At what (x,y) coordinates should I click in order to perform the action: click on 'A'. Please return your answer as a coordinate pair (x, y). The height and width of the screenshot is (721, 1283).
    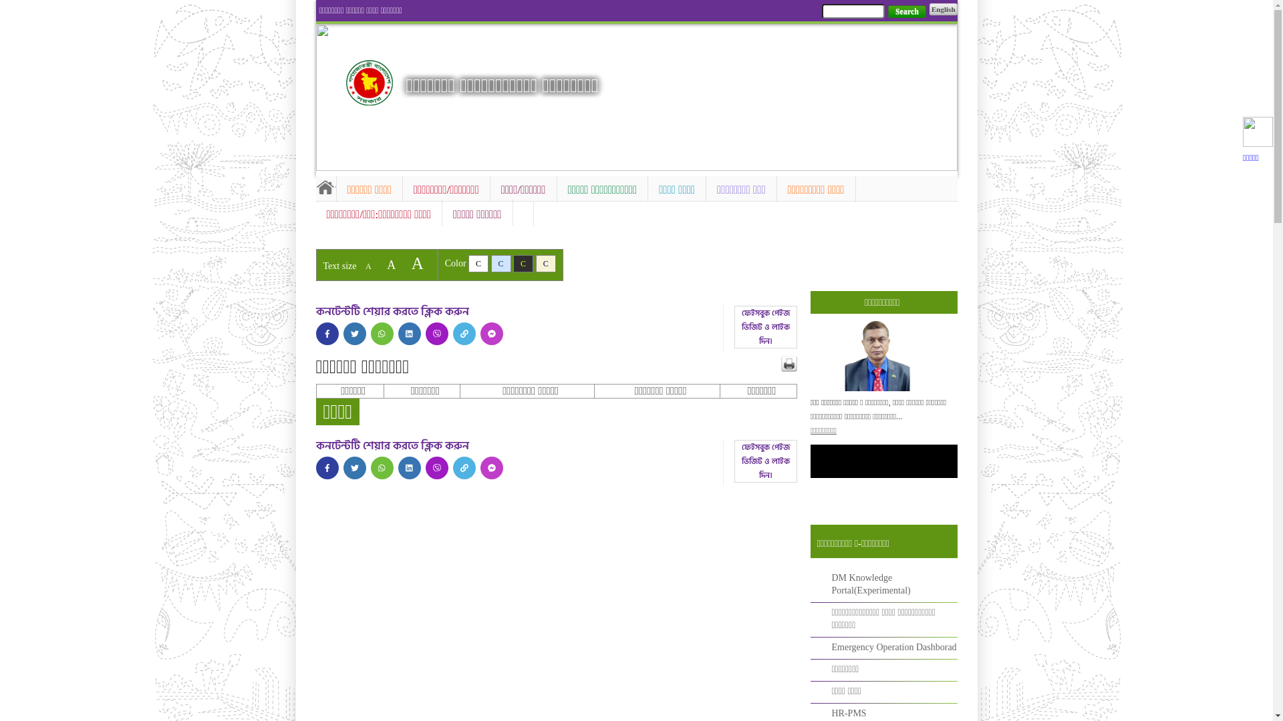
    Looking at the image, I should click on (416, 263).